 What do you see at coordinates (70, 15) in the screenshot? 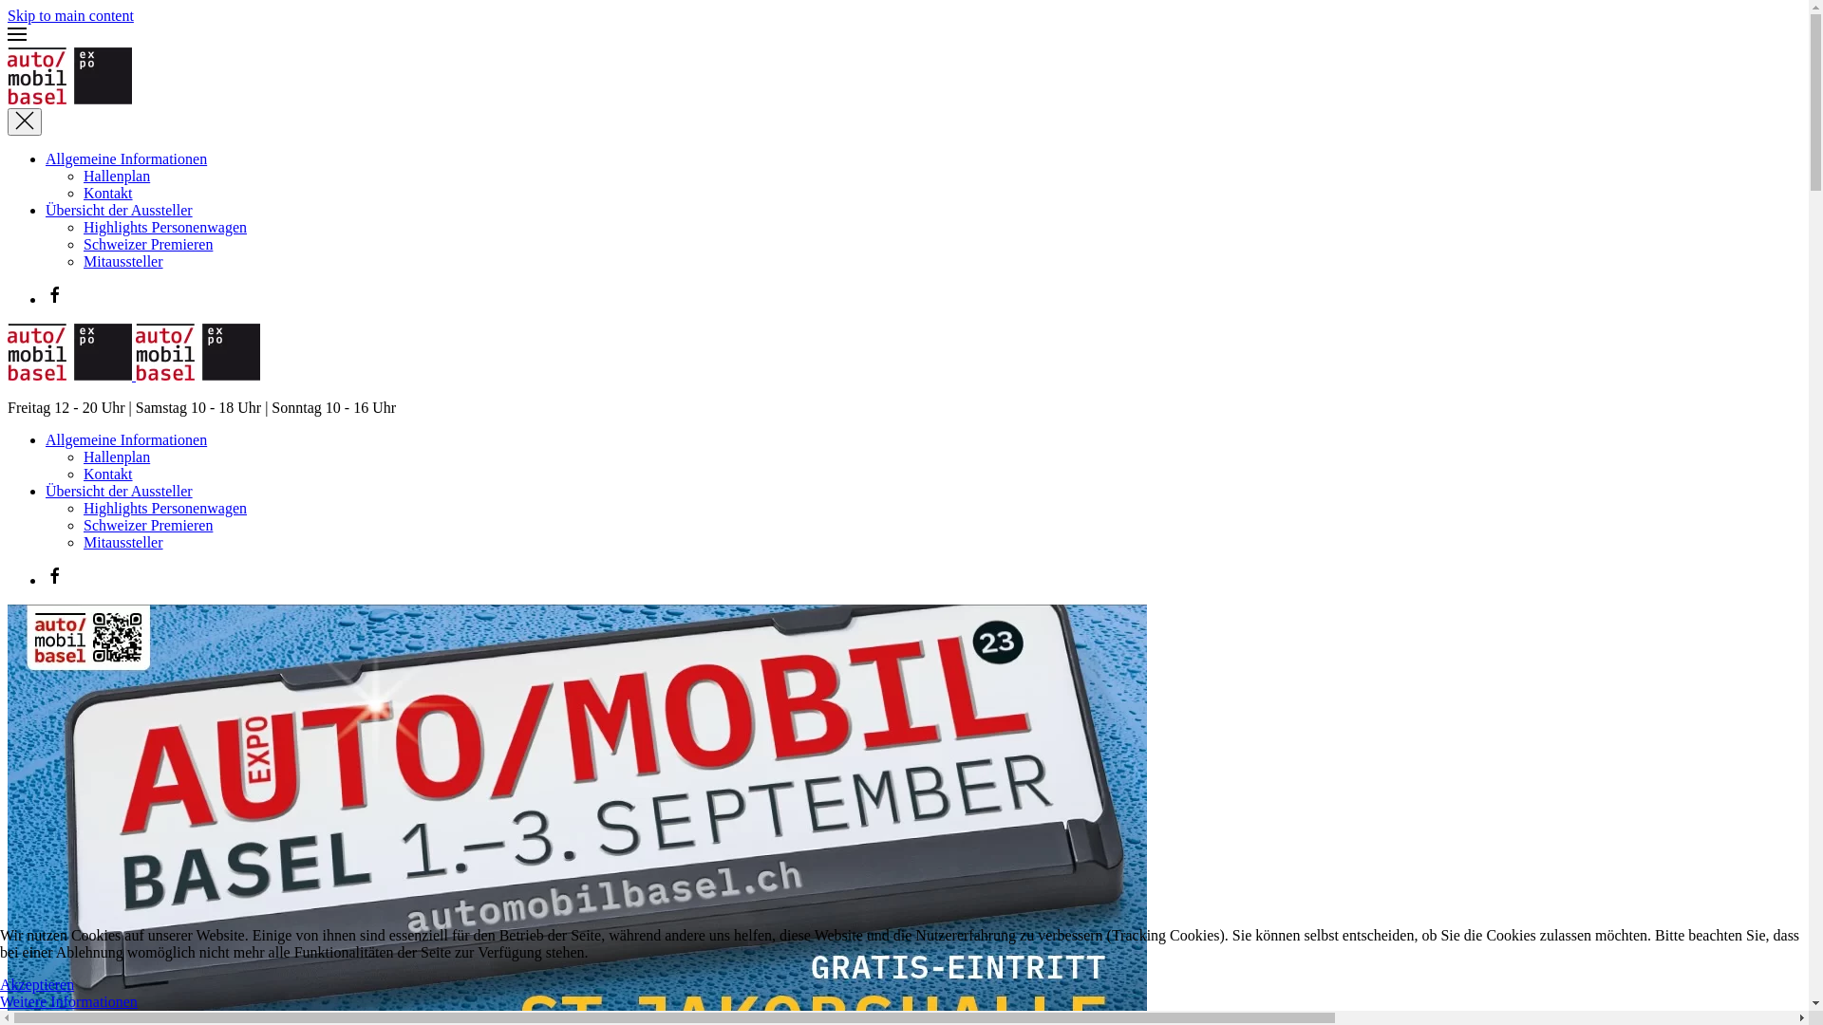
I see `'Skip to main content'` at bounding box center [70, 15].